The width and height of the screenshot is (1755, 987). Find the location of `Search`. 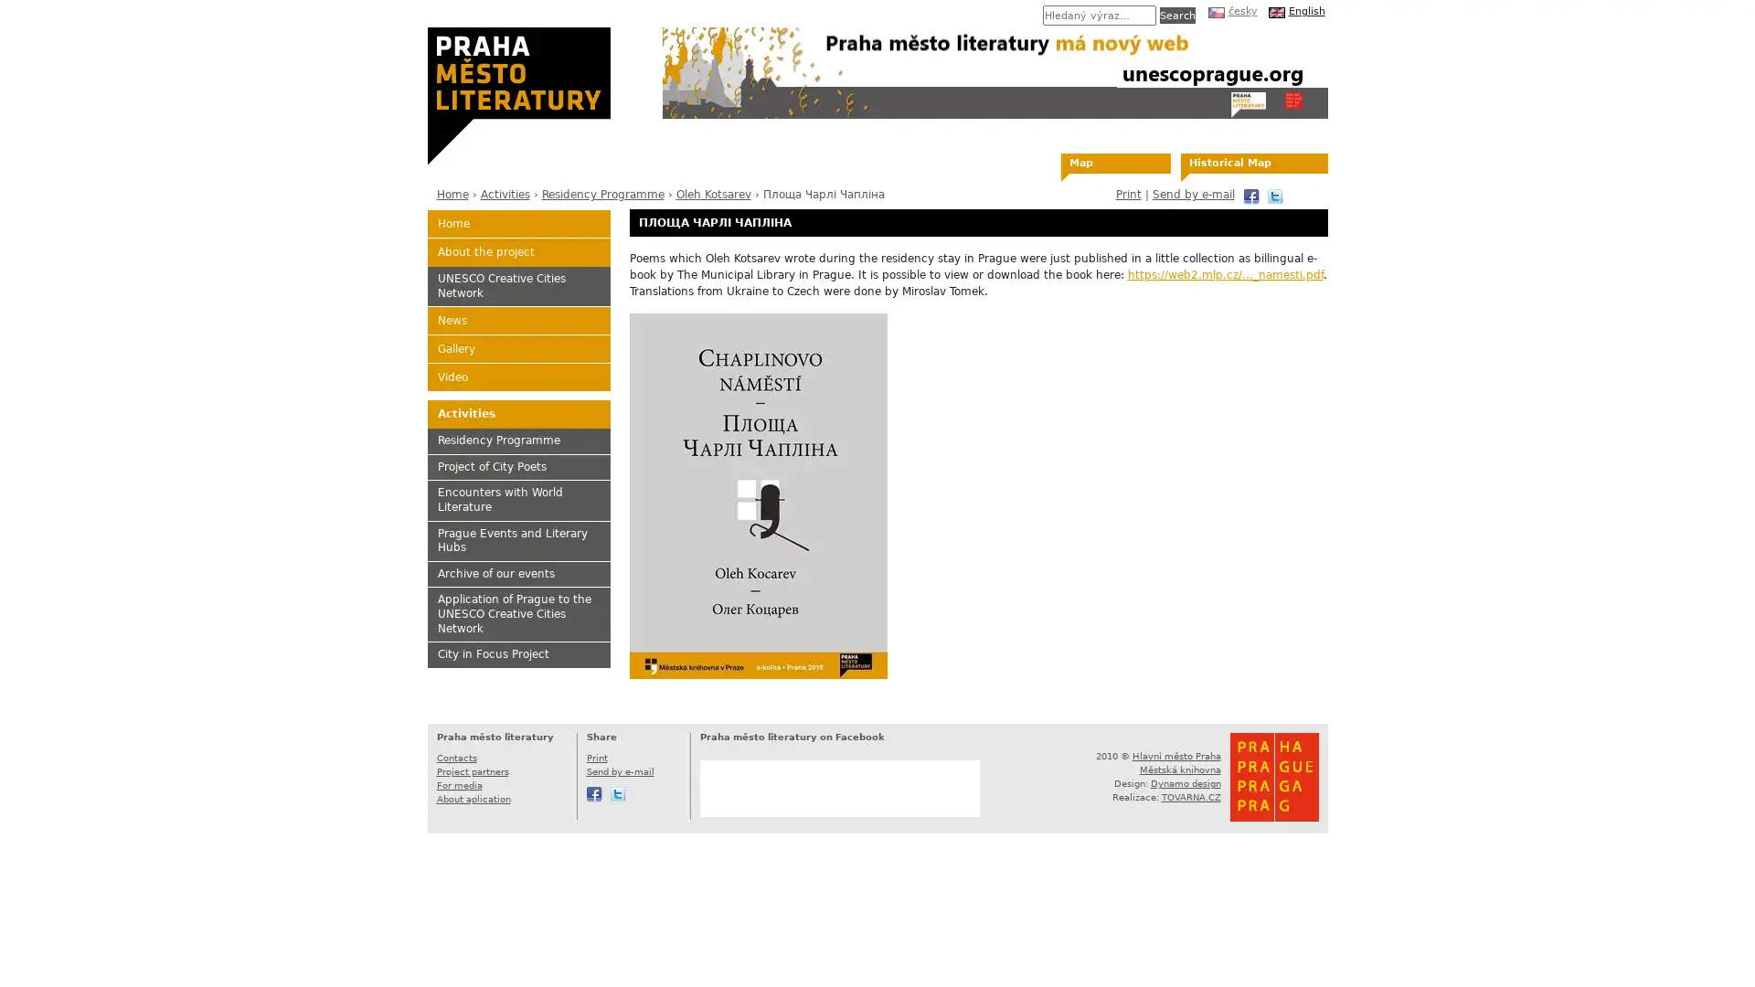

Search is located at coordinates (1176, 15).